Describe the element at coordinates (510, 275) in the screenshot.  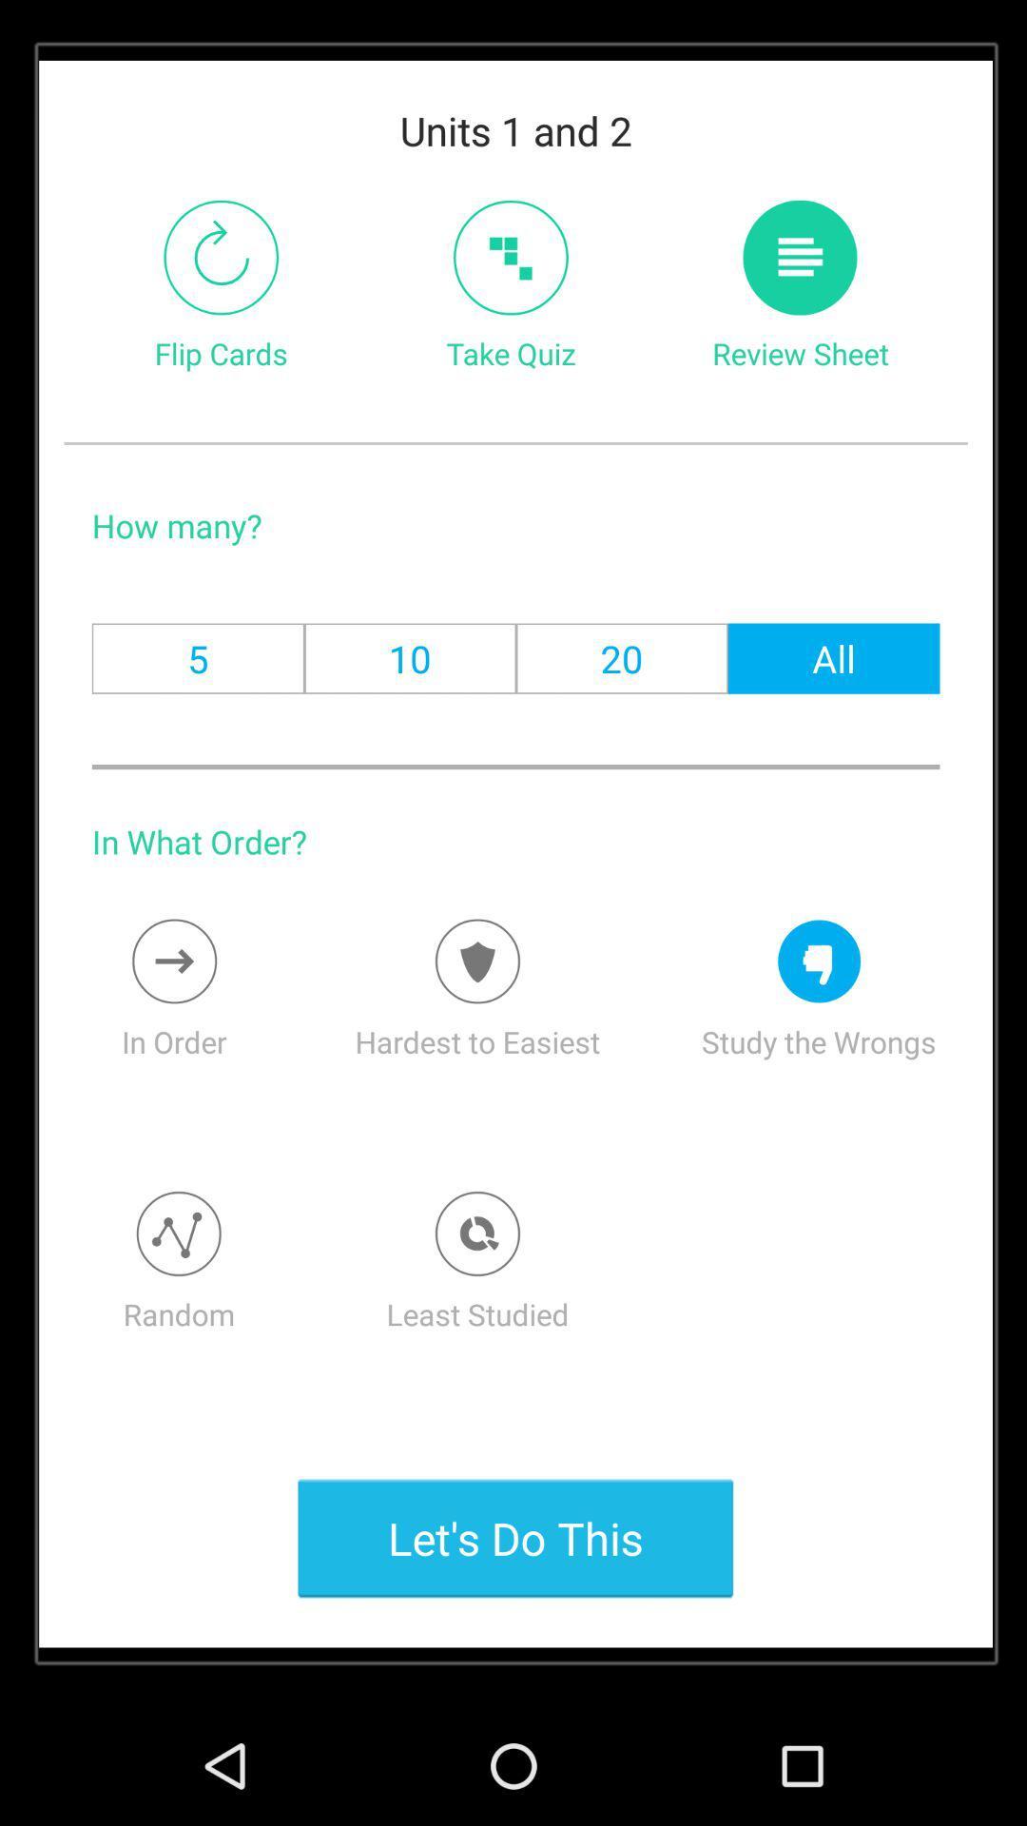
I see `the add icon` at that location.